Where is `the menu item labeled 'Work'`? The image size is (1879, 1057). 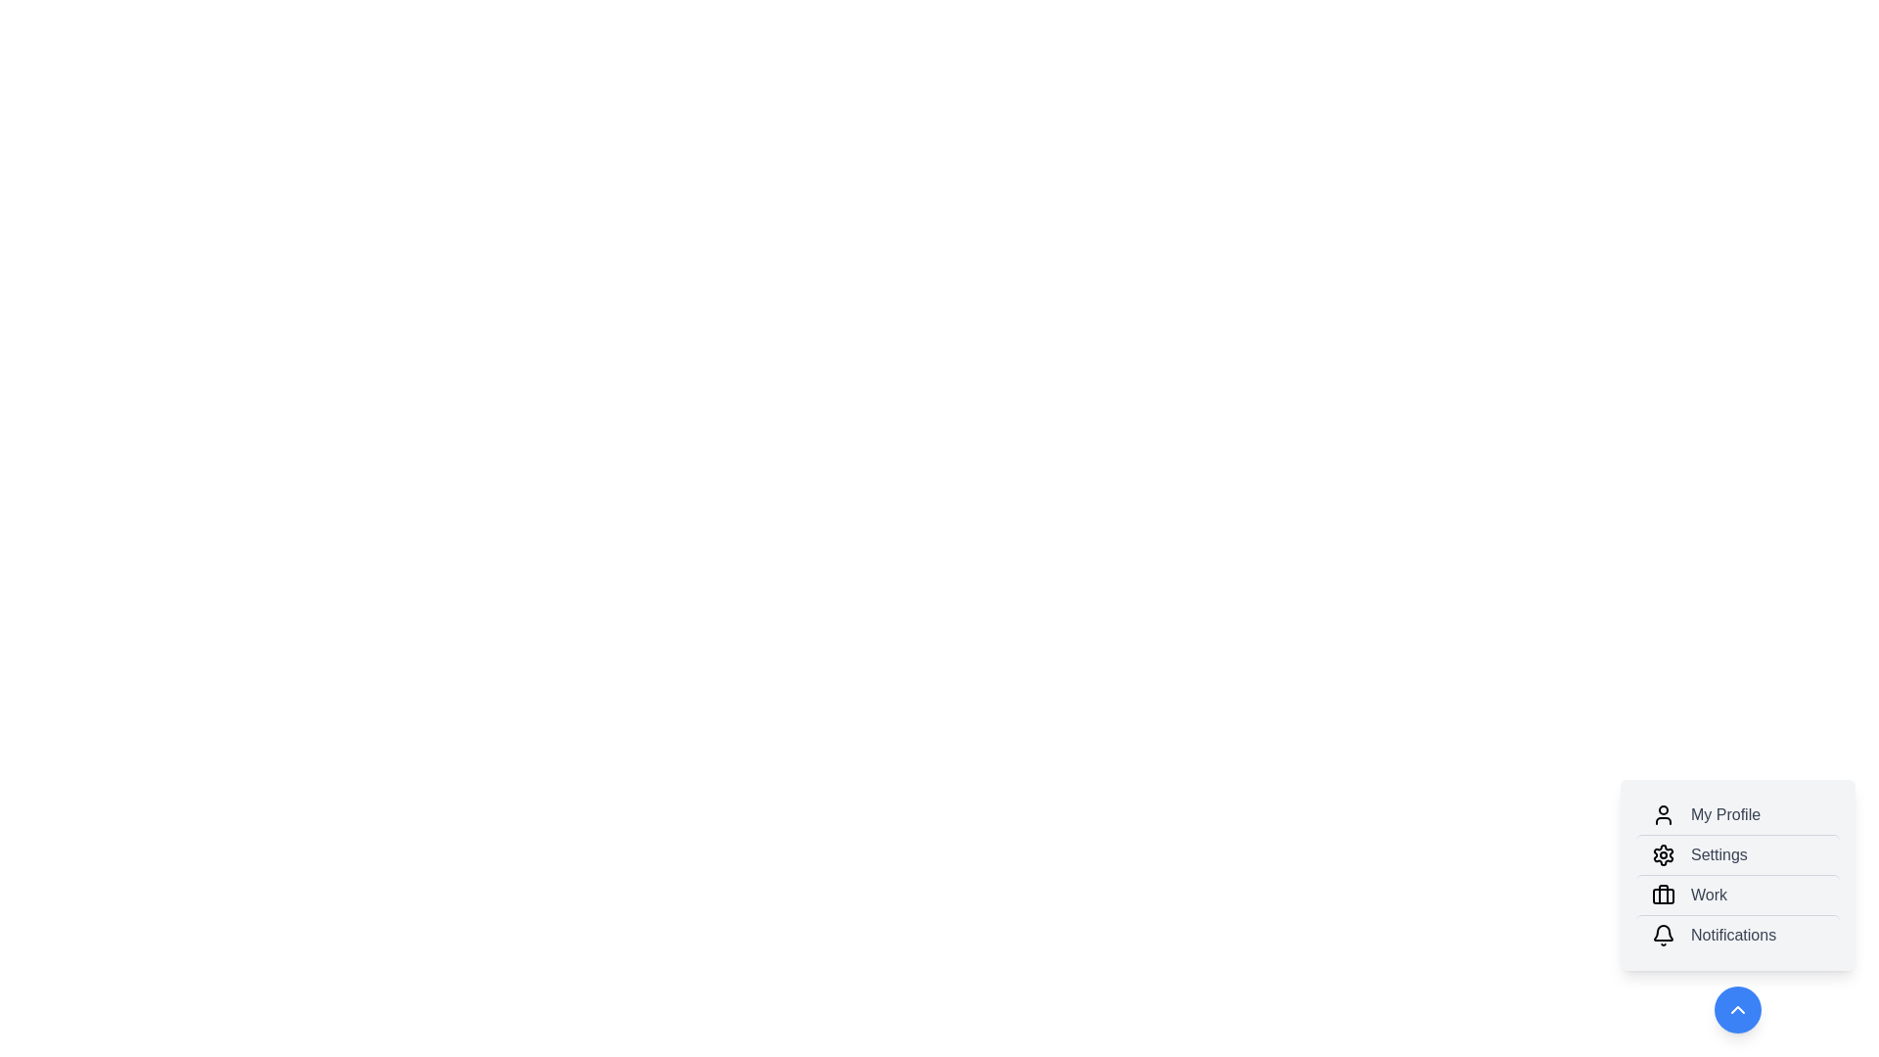 the menu item labeled 'Work' is located at coordinates (1738, 895).